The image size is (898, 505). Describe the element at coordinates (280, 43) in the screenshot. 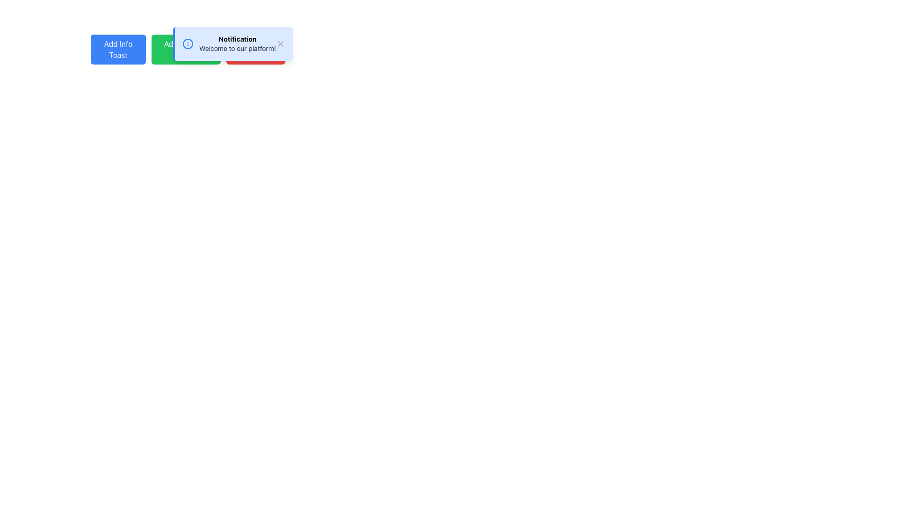

I see `the close button represented by a gray 'X' symbol located at the top-right corner of the notification card` at that location.